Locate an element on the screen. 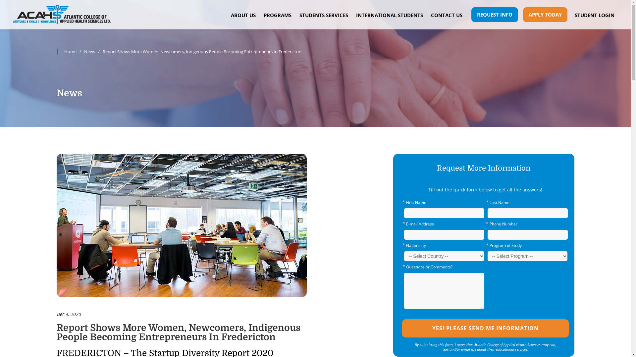 Image resolution: width=636 pixels, height=357 pixels. 'YES! PLEASE SEND ME INFORMATION' is located at coordinates (485, 328).